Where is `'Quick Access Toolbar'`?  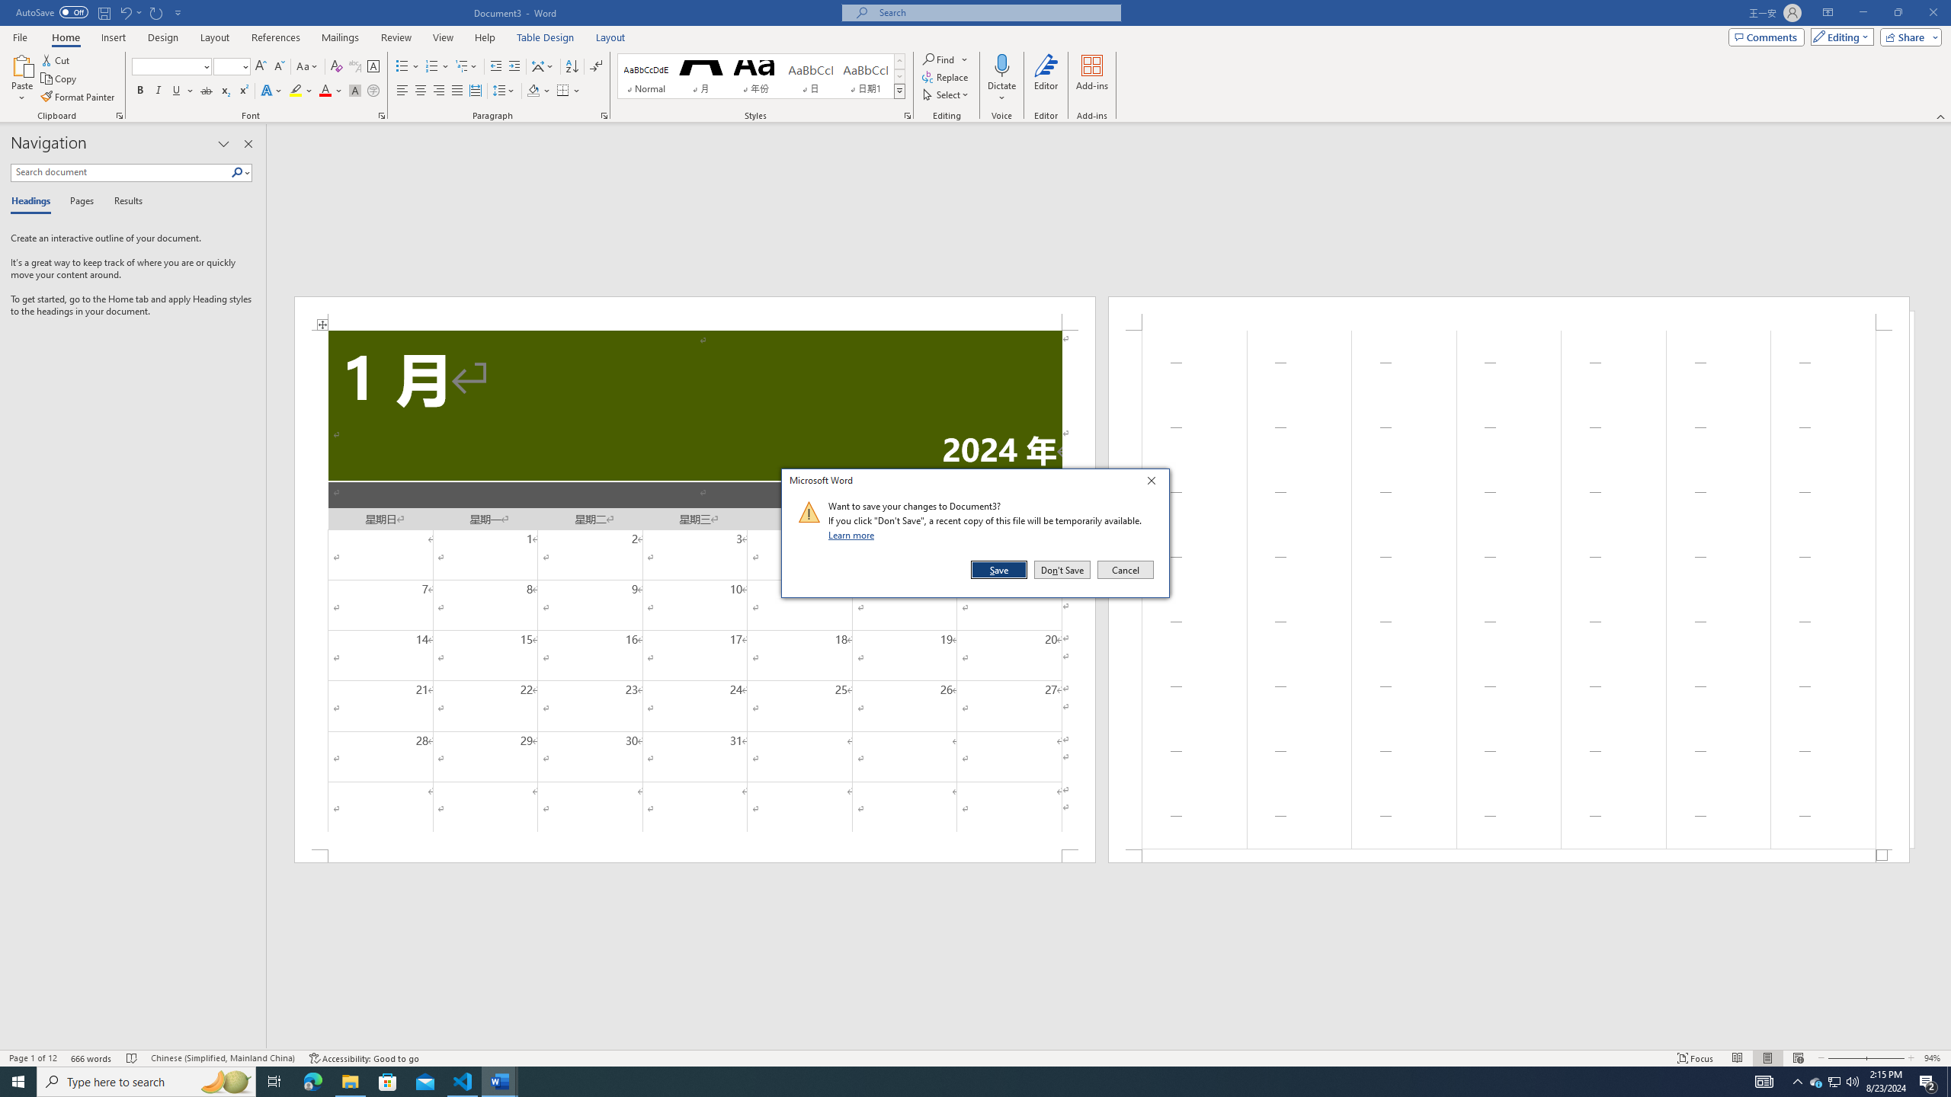 'Quick Access Toolbar' is located at coordinates (99, 12).